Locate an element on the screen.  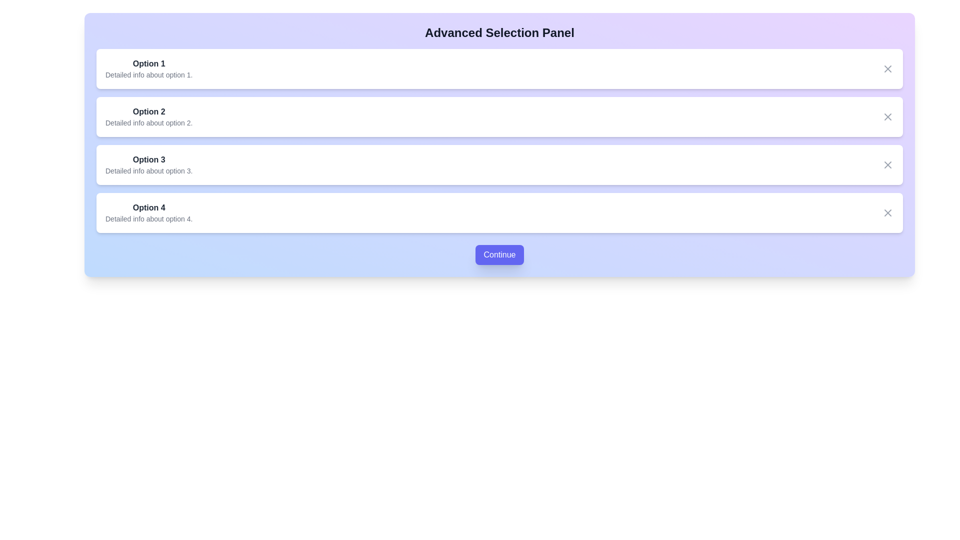
text label that provides detailed information about option 1, which is positioned below the title 'Option 1' in the vertical list is located at coordinates (148, 74).